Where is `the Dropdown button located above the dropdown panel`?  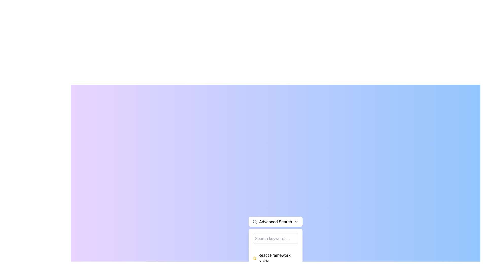
the Dropdown button located above the dropdown panel is located at coordinates (275, 221).